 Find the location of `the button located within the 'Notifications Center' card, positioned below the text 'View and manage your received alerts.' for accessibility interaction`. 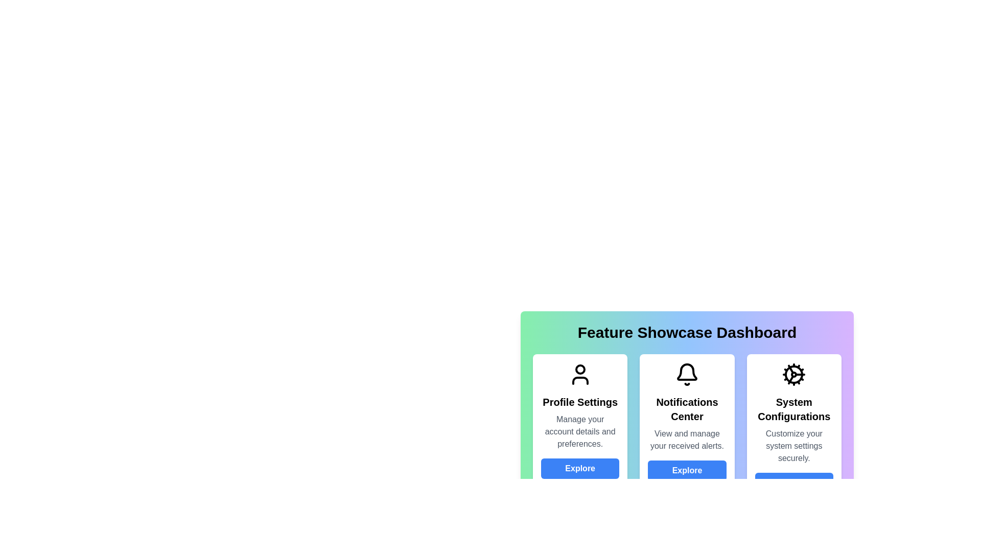

the button located within the 'Notifications Center' card, positioned below the text 'View and manage your received alerts.' for accessibility interaction is located at coordinates (687, 471).